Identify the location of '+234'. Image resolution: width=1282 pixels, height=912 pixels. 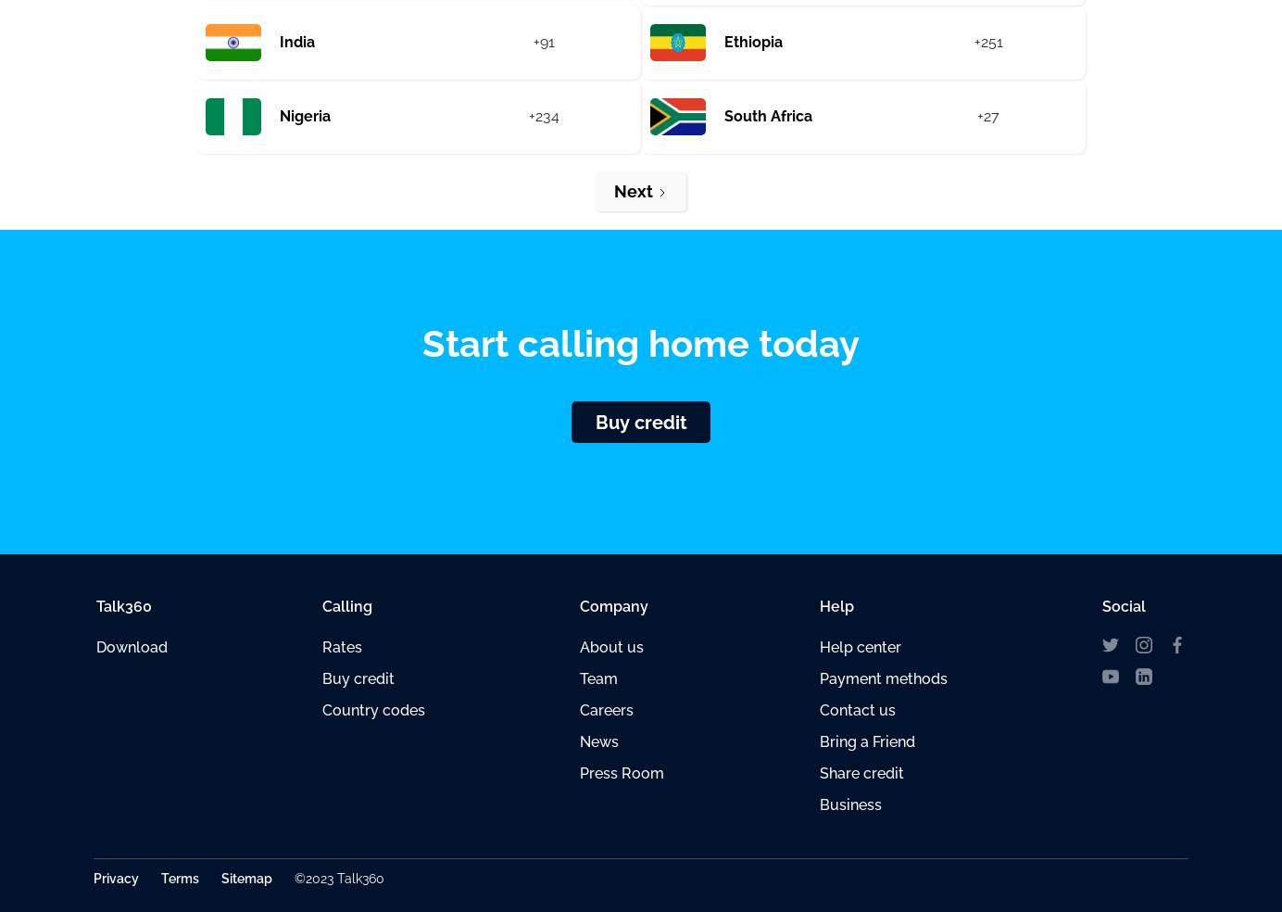
(542, 116).